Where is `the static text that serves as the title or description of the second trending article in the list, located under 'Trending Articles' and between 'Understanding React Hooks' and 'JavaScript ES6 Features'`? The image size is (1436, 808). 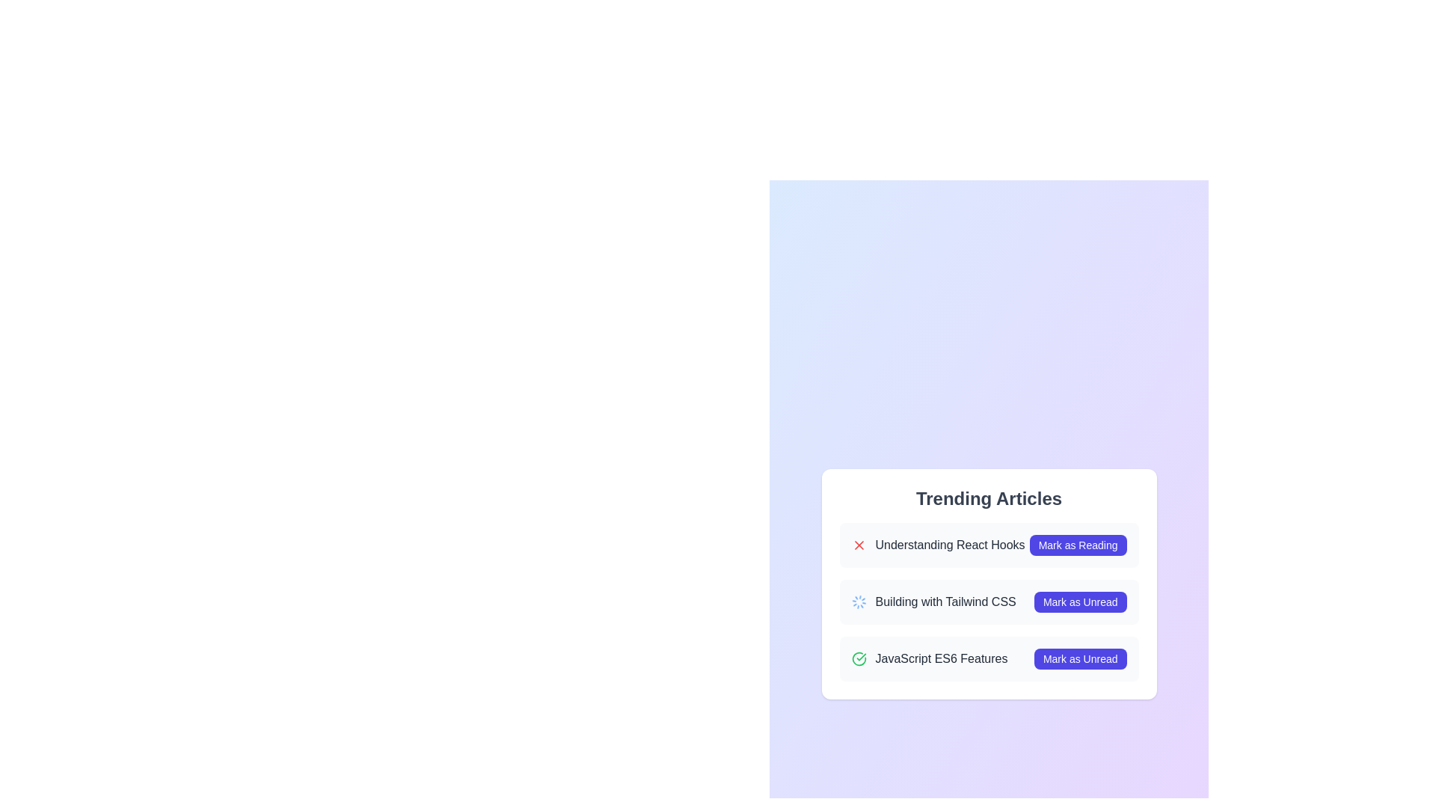 the static text that serves as the title or description of the second trending article in the list, located under 'Trending Articles' and between 'Understanding React Hooks' and 'JavaScript ES6 Features' is located at coordinates (945, 602).